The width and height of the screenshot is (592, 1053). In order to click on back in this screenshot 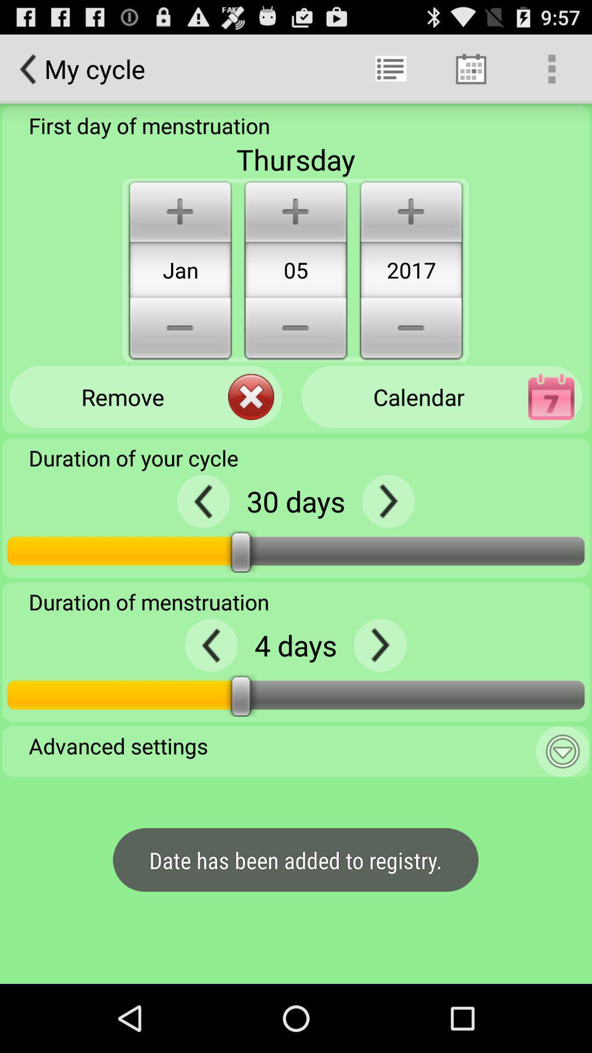, I will do `click(211, 645)`.